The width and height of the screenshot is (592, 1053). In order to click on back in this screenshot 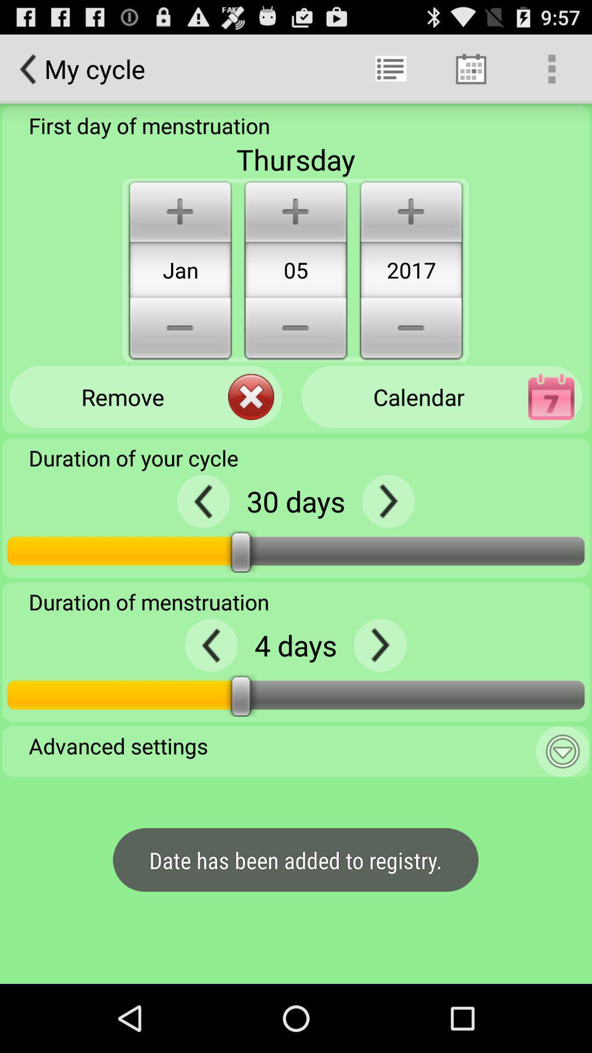, I will do `click(211, 645)`.